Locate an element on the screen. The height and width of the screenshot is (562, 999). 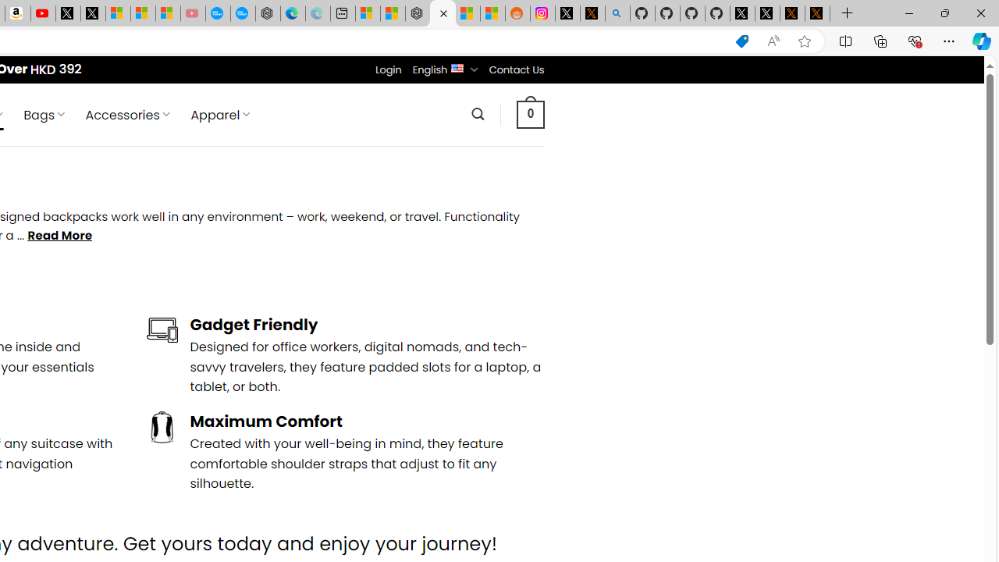
'This site has coupons! Shopping in Microsoft Edge' is located at coordinates (741, 41).